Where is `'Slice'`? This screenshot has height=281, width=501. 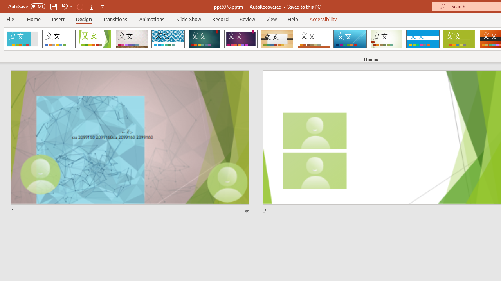 'Slice' is located at coordinates (350, 39).